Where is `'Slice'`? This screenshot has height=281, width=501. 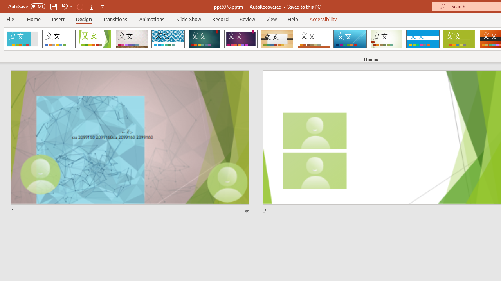 'Slice' is located at coordinates (350, 39).